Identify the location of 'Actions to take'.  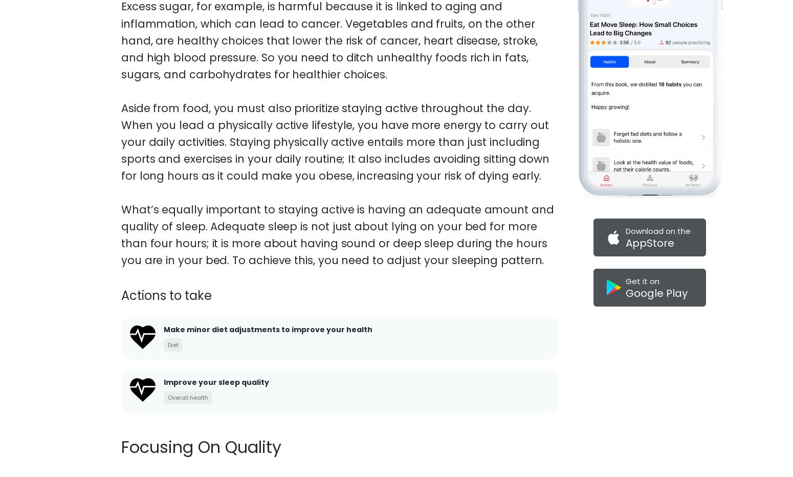
(166, 257).